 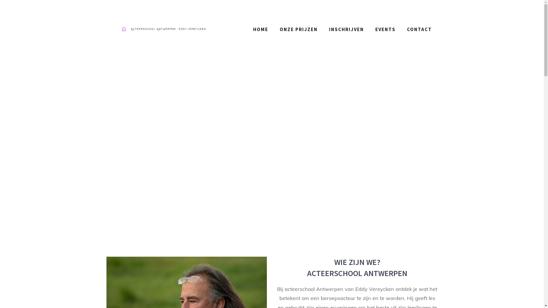 What do you see at coordinates (419, 29) in the screenshot?
I see `'CONTACT'` at bounding box center [419, 29].